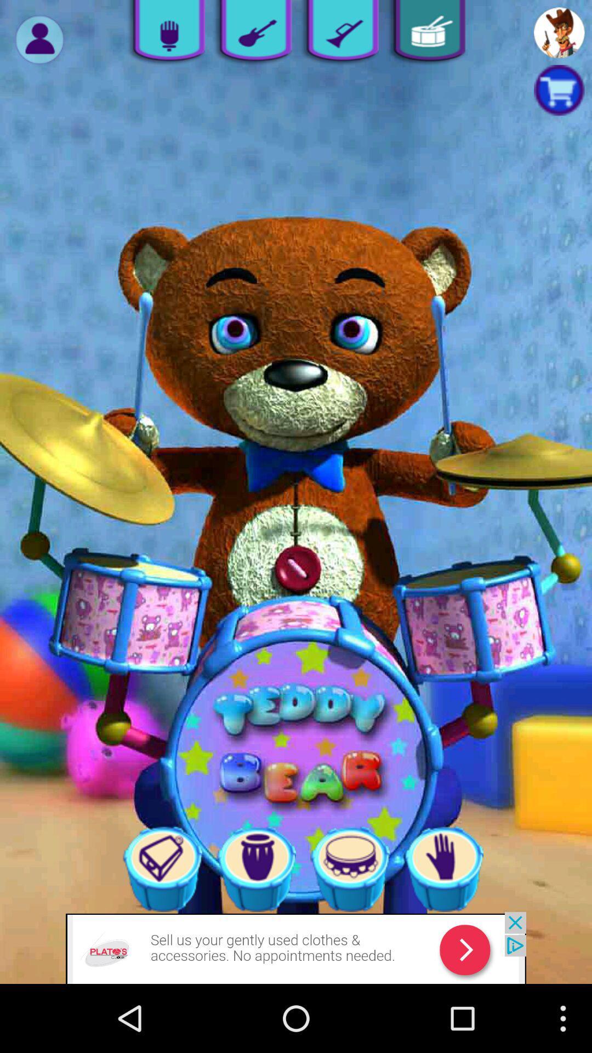  Describe the element at coordinates (350, 929) in the screenshot. I see `the email icon` at that location.